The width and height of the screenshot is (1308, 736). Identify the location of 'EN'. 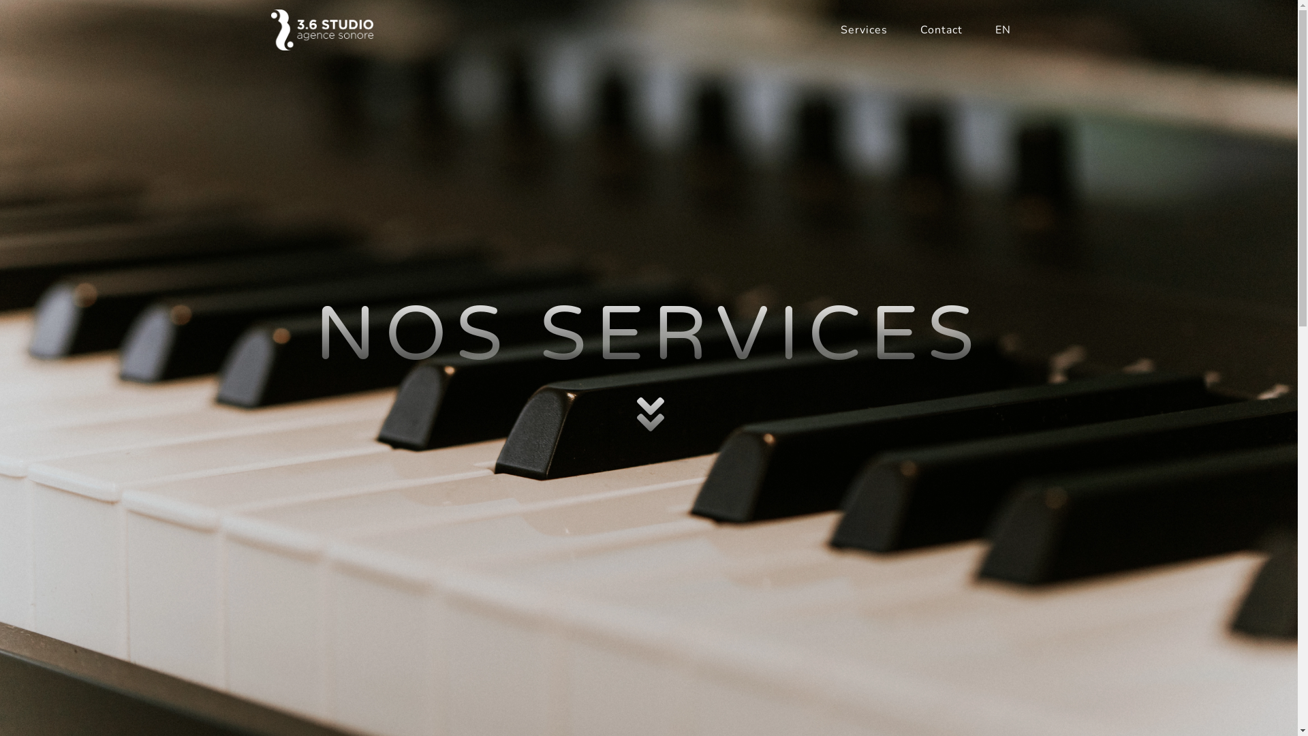
(977, 29).